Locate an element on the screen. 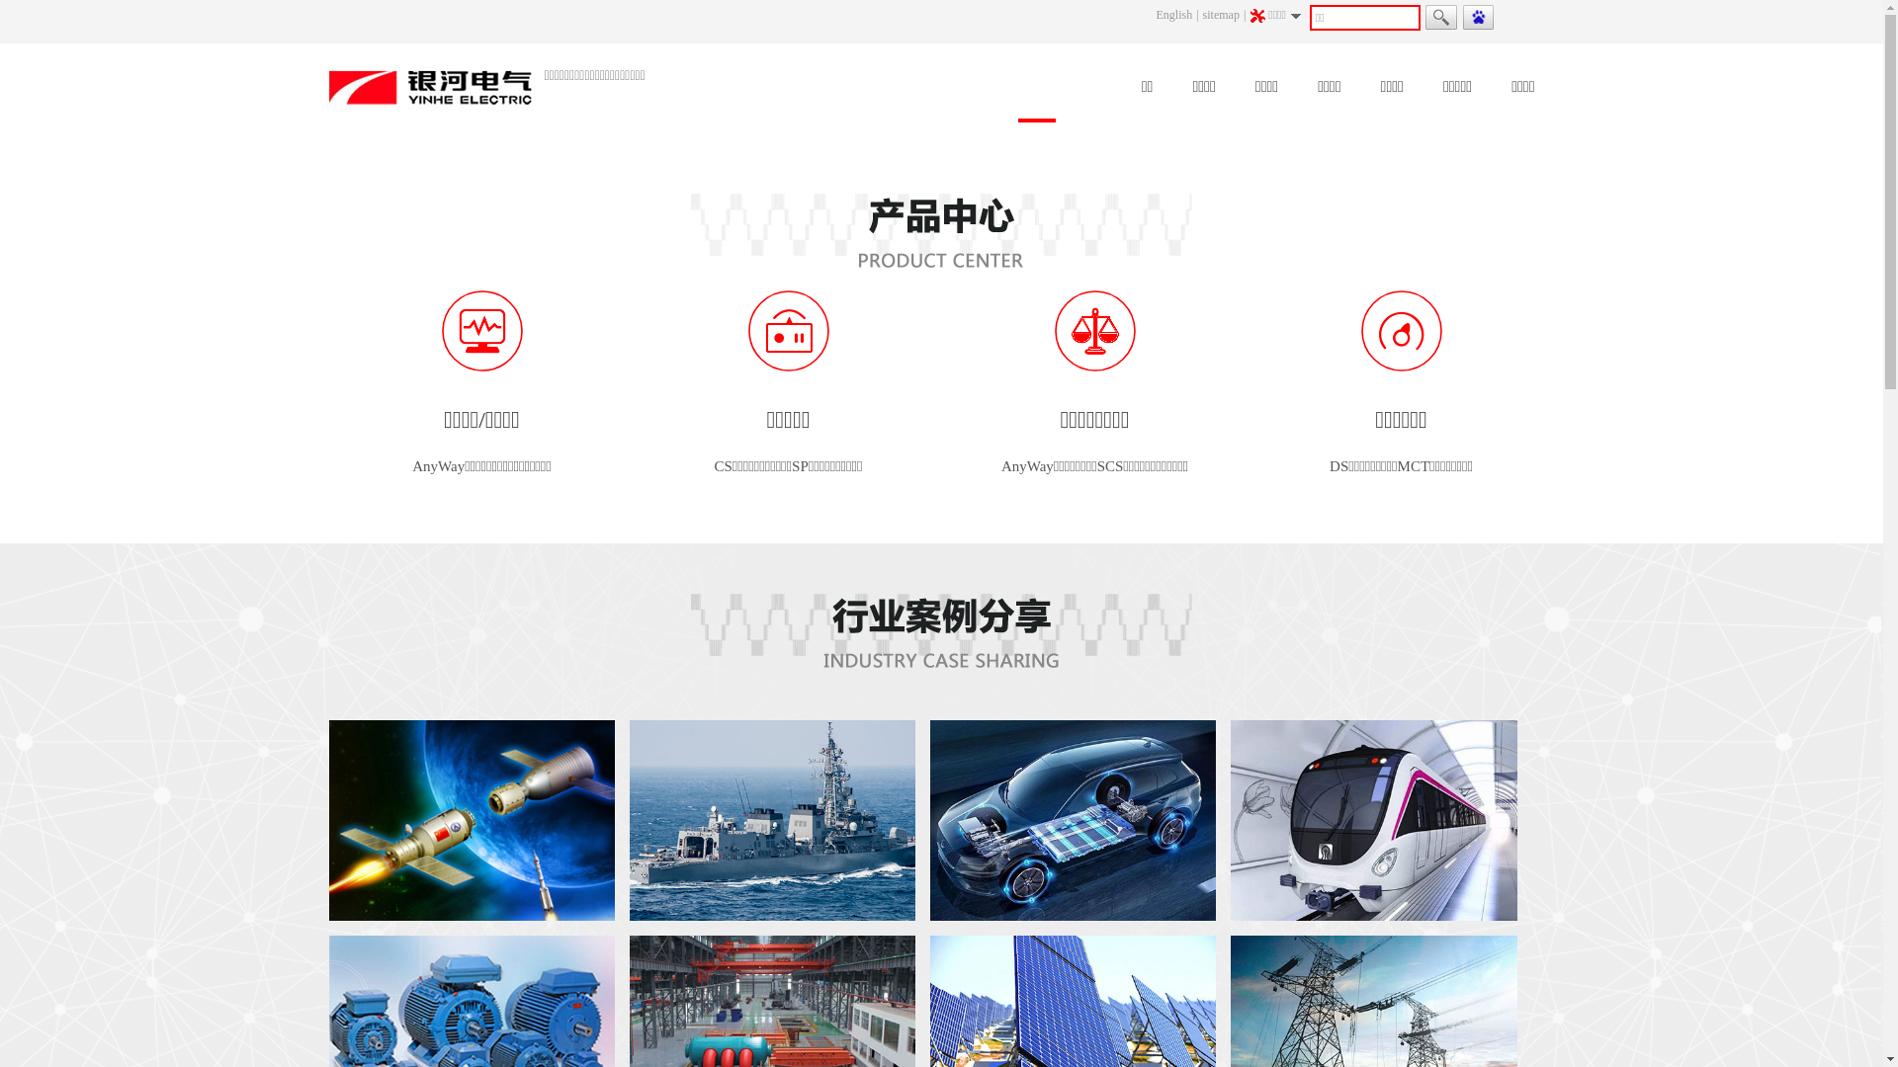 The height and width of the screenshot is (1067, 1898). 'sitemap' is located at coordinates (1202, 15).